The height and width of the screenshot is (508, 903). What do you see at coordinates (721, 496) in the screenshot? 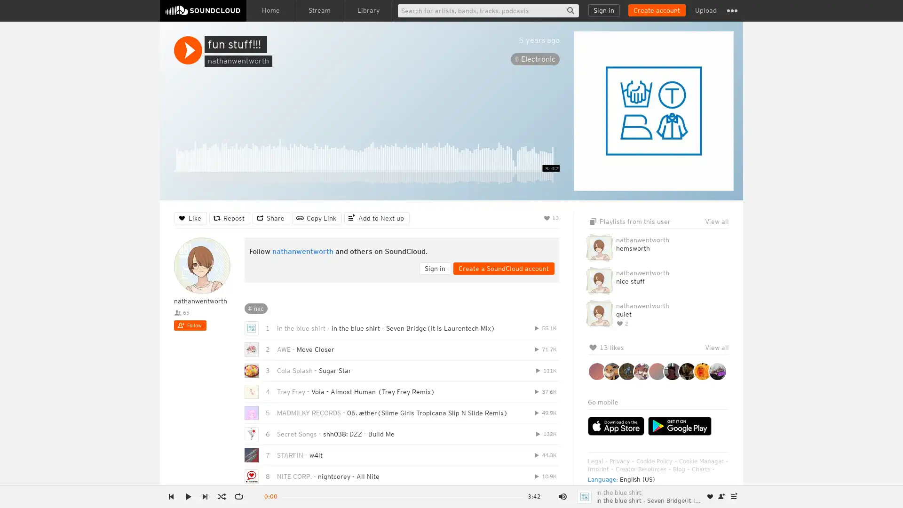
I see `Follow` at bounding box center [721, 496].